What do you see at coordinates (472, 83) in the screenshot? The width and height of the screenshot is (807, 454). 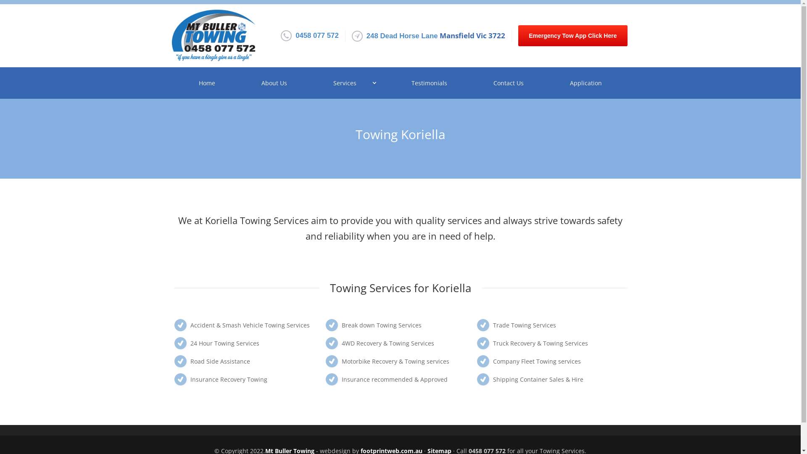 I see `'Contact Us'` at bounding box center [472, 83].